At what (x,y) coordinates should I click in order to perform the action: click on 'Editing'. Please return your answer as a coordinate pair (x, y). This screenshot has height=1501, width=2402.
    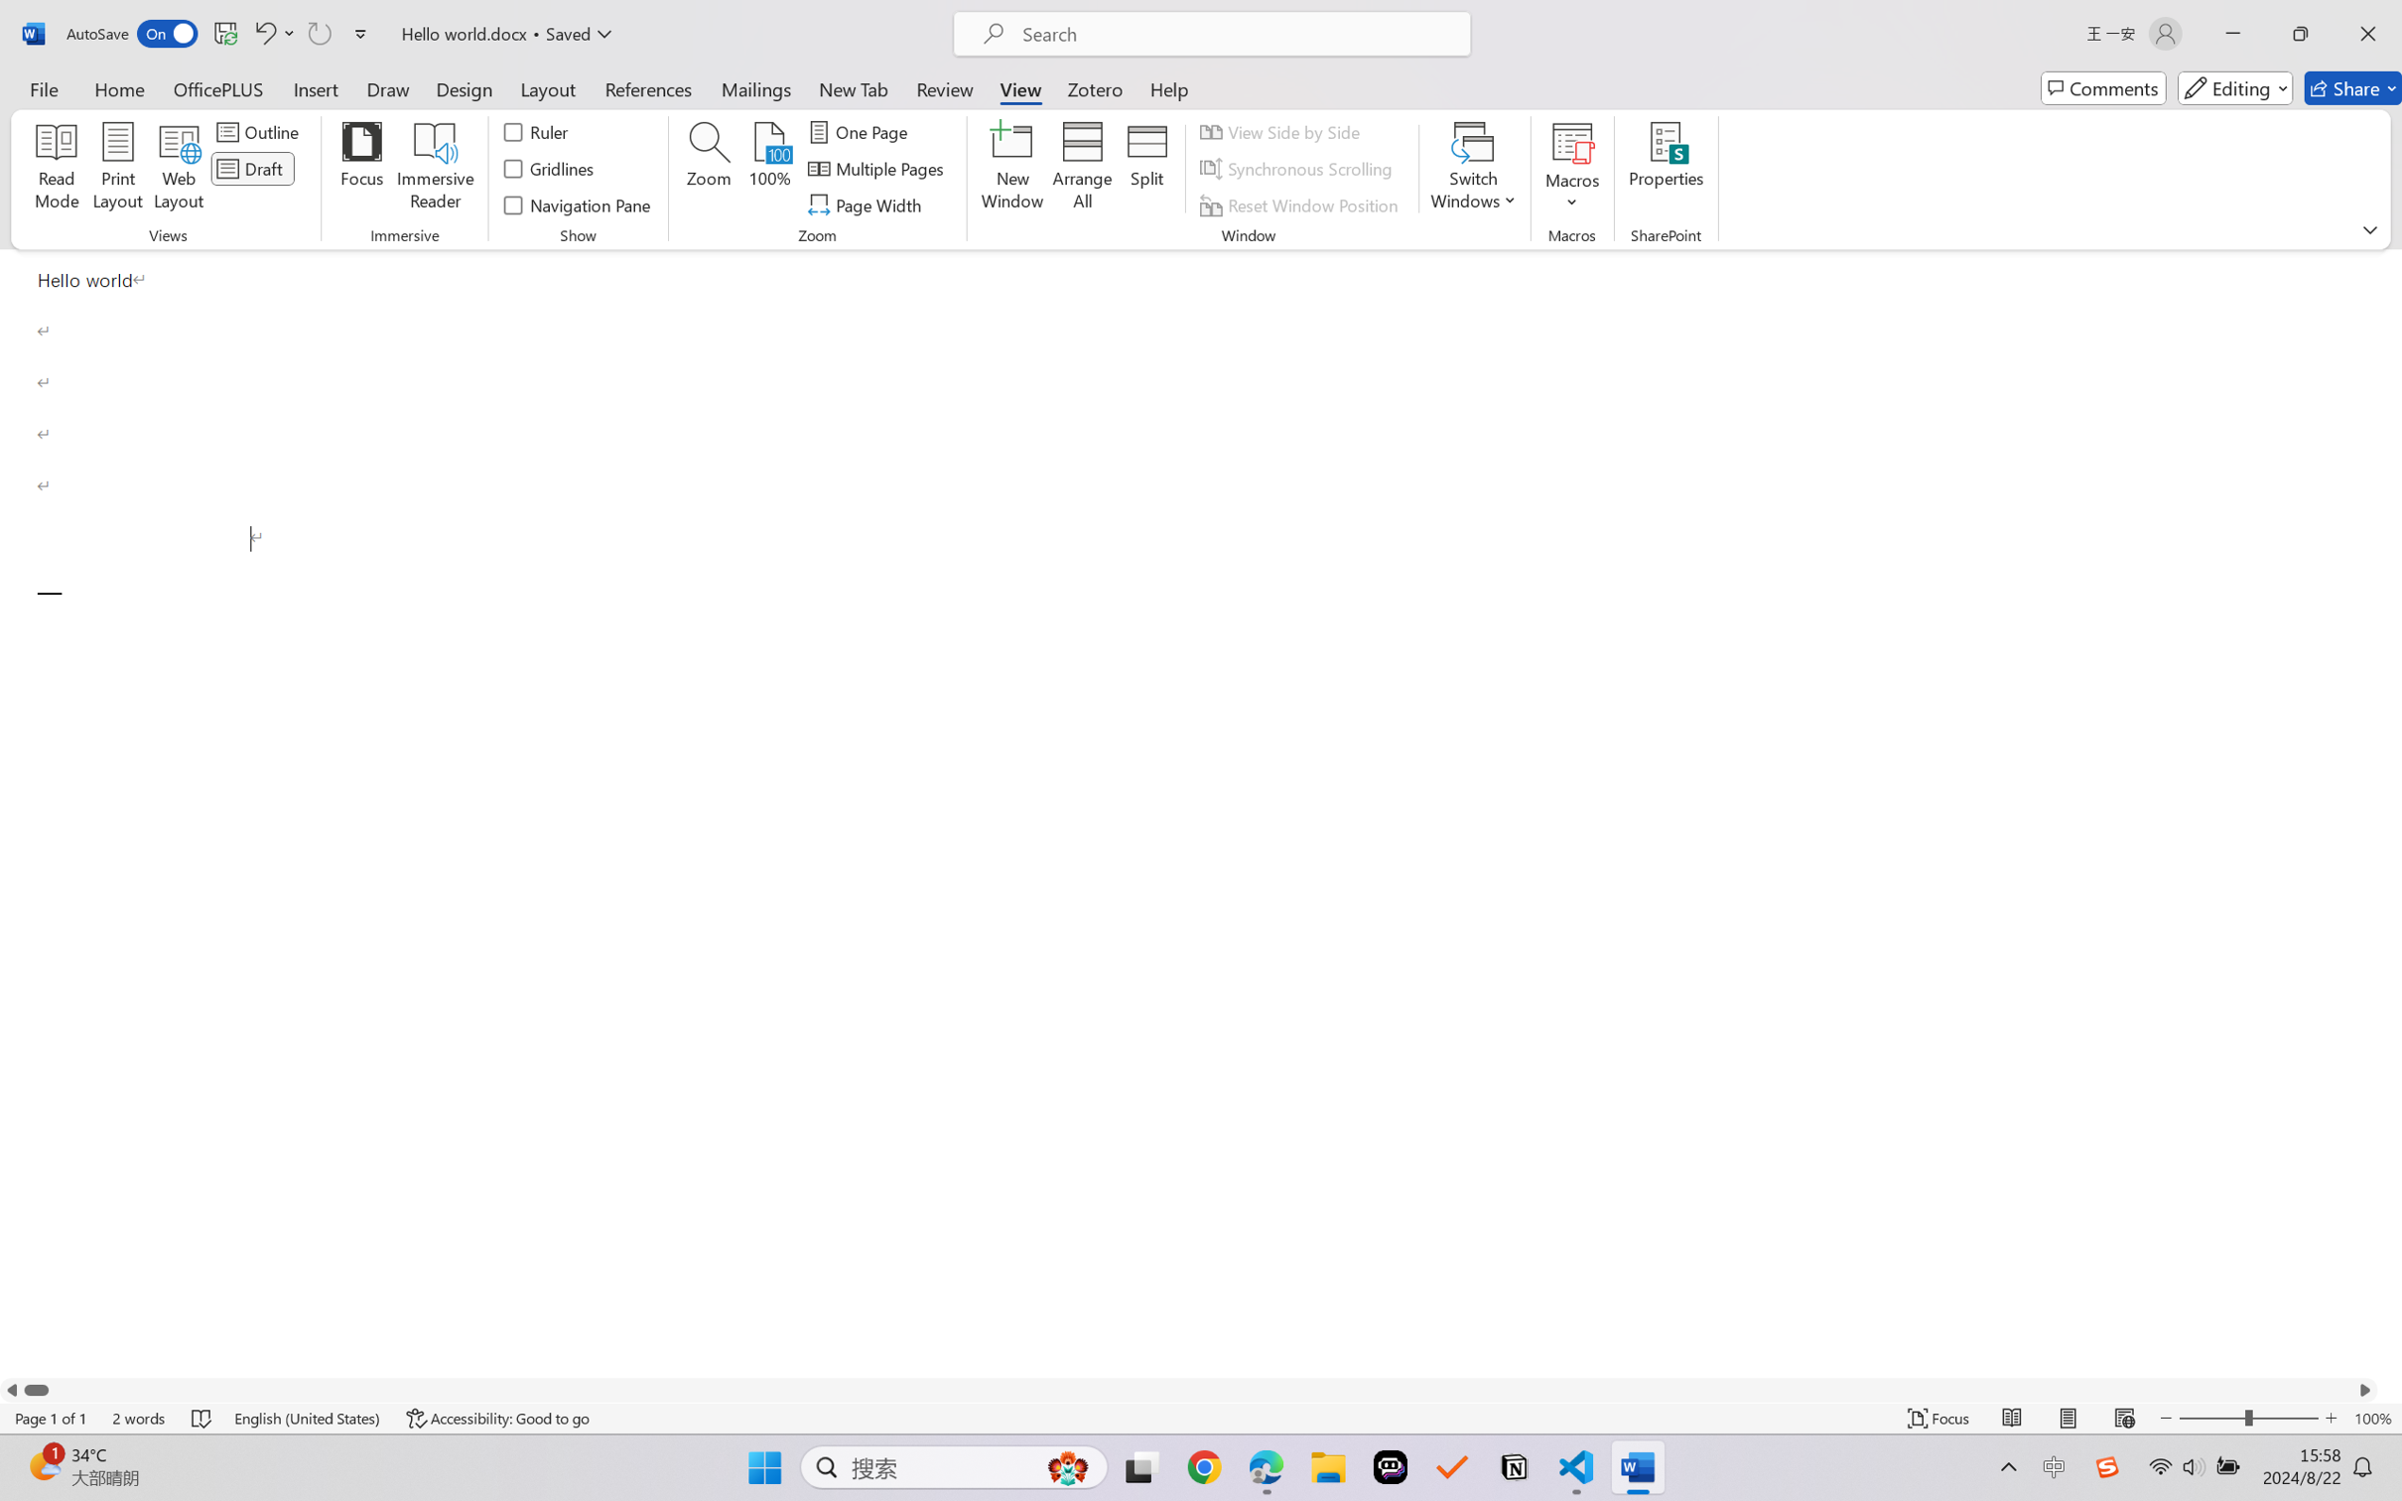
    Looking at the image, I should click on (2236, 87).